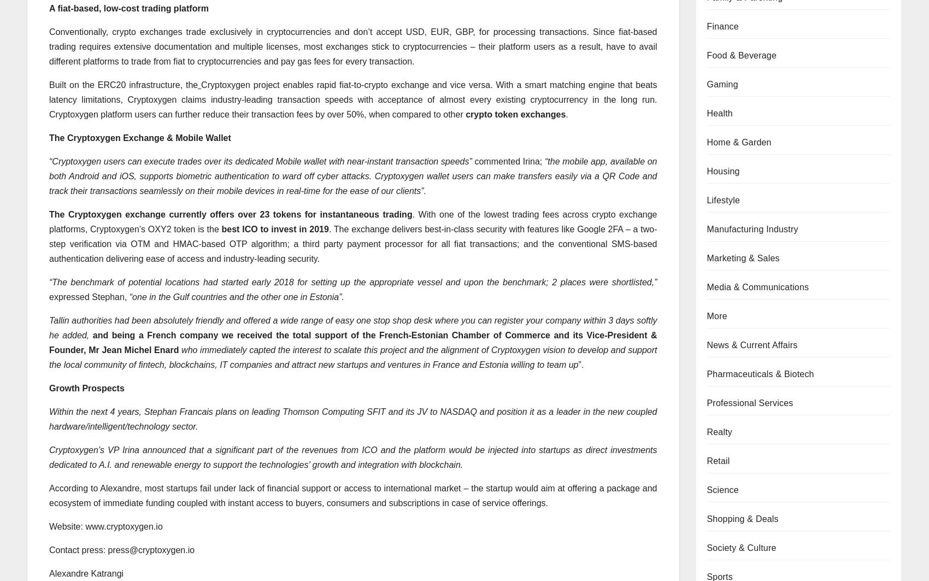  Describe the element at coordinates (49, 137) in the screenshot. I see `'The Cryptoxygen Exchange & Mobile Wallet'` at that location.